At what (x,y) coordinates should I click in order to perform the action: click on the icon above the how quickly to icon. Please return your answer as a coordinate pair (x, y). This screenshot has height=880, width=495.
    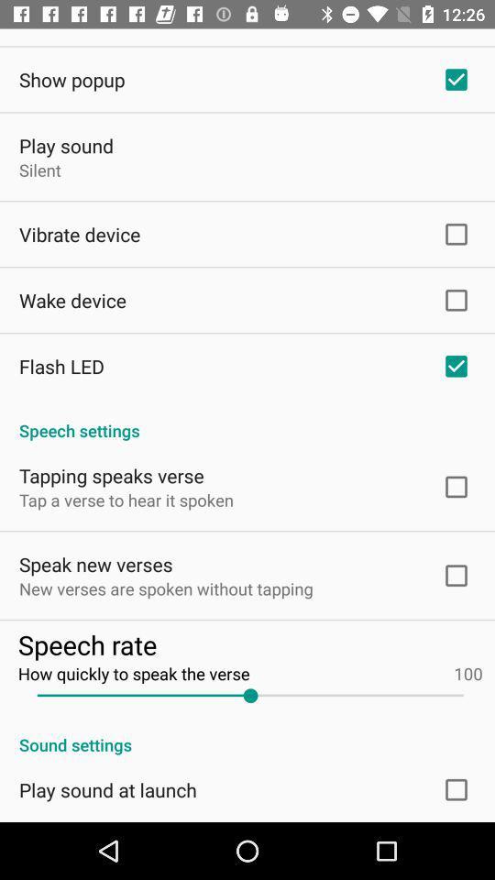
    Looking at the image, I should click on (249, 644).